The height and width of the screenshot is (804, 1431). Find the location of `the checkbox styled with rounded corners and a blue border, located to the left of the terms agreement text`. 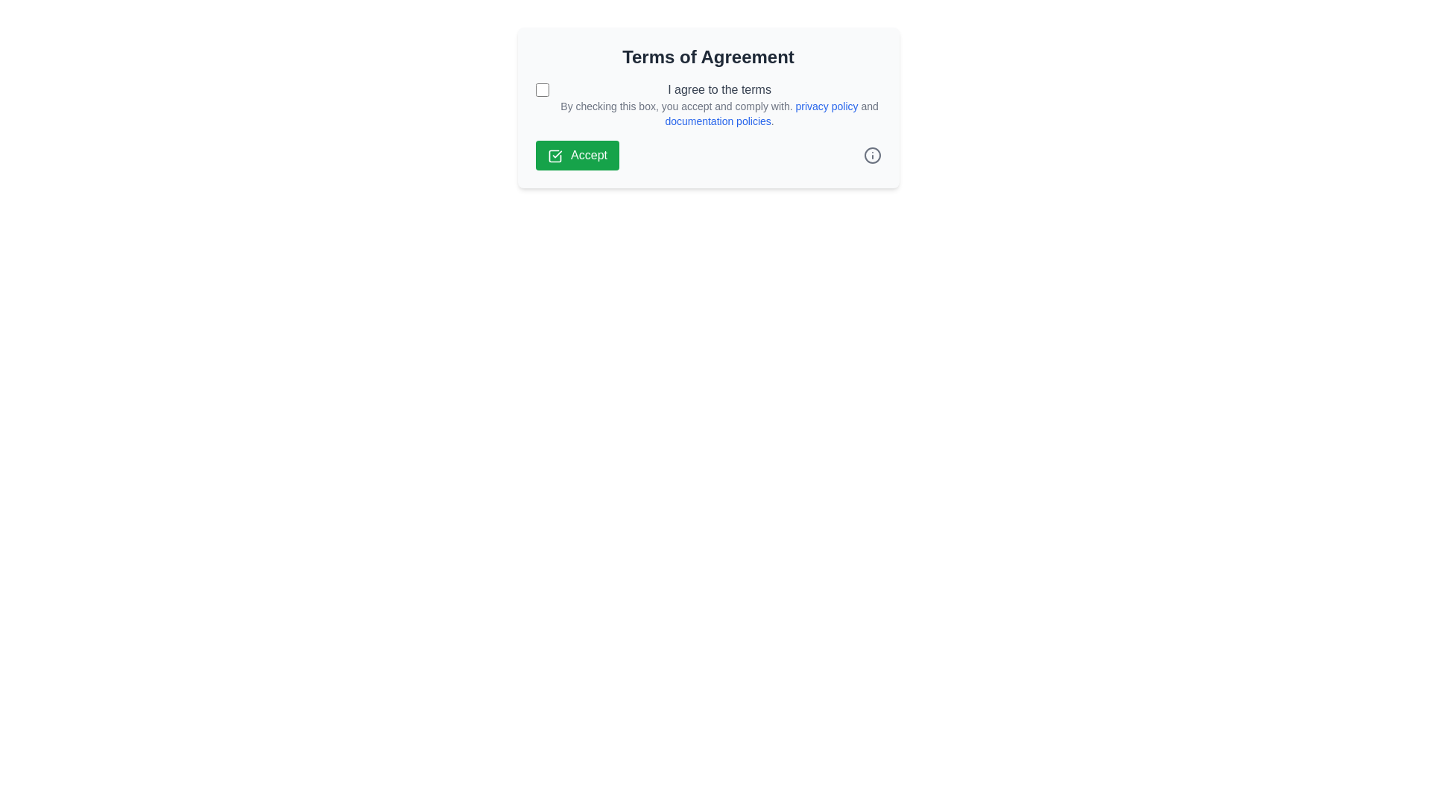

the checkbox styled with rounded corners and a blue border, located to the left of the terms agreement text is located at coordinates (541, 89).